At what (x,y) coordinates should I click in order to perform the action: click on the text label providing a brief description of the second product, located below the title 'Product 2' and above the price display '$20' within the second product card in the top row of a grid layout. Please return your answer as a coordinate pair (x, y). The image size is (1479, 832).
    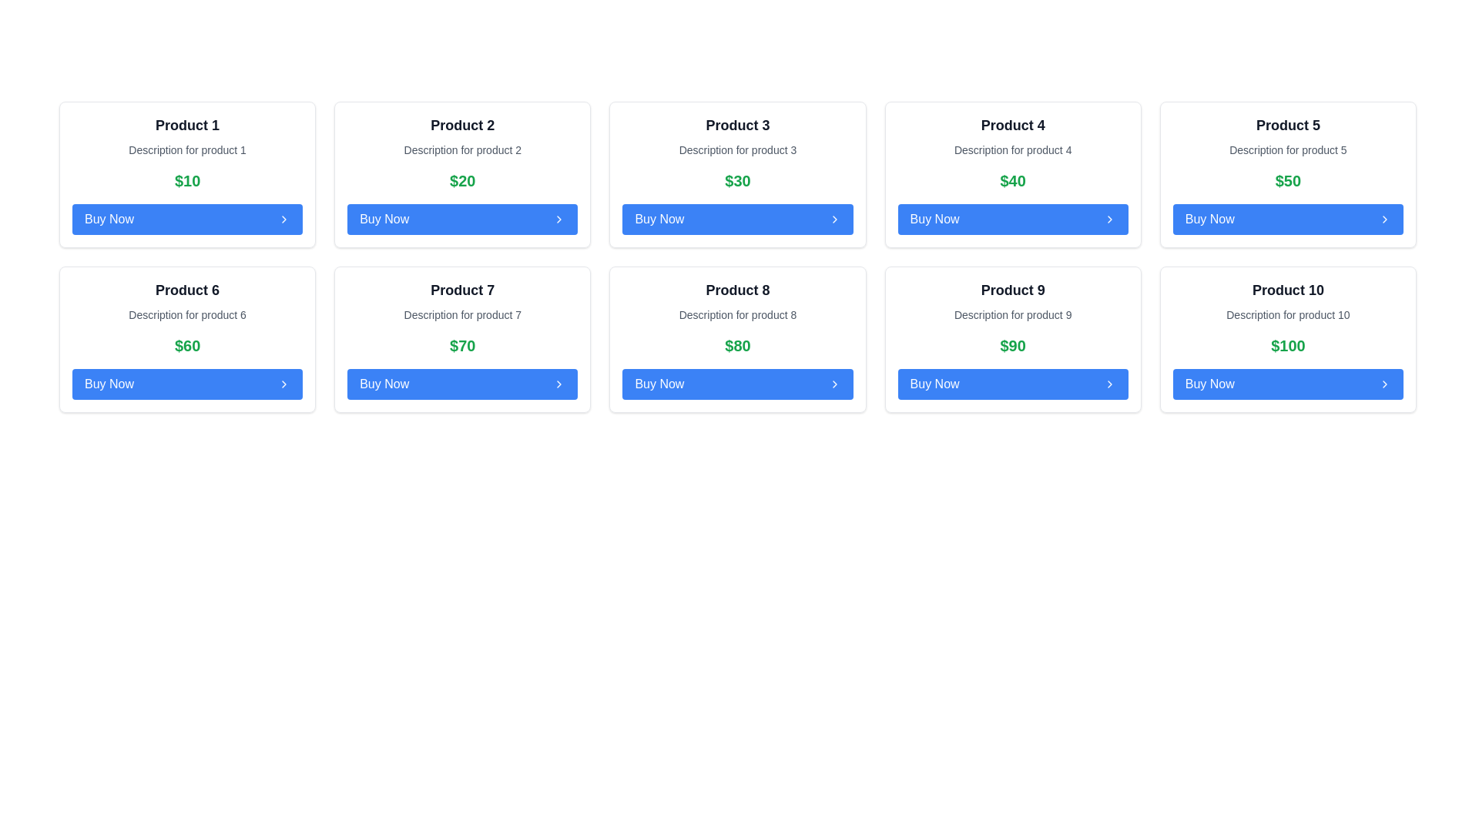
    Looking at the image, I should click on (461, 150).